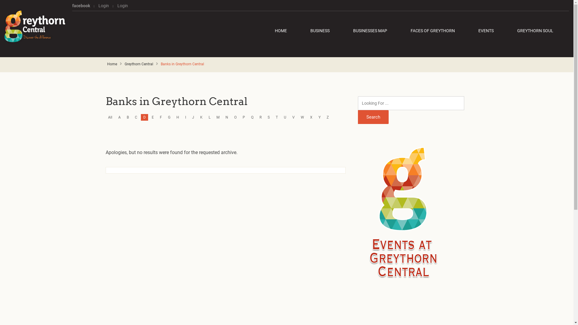 The width and height of the screenshot is (578, 325). Describe the element at coordinates (260, 117) in the screenshot. I see `'R'` at that location.